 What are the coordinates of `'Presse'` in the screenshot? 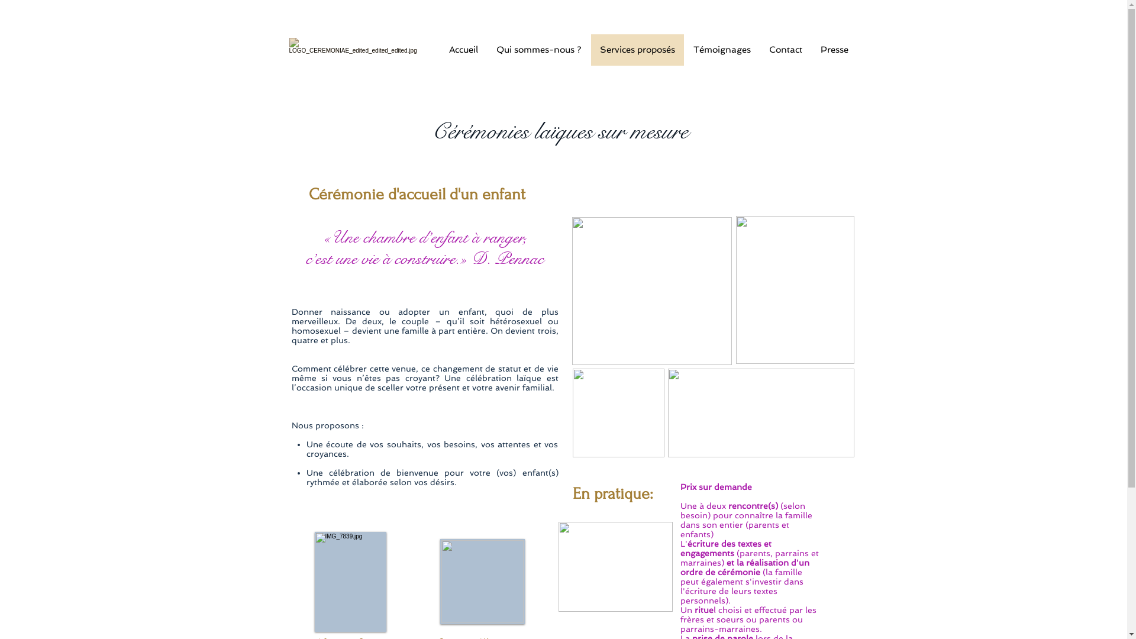 It's located at (833, 49).